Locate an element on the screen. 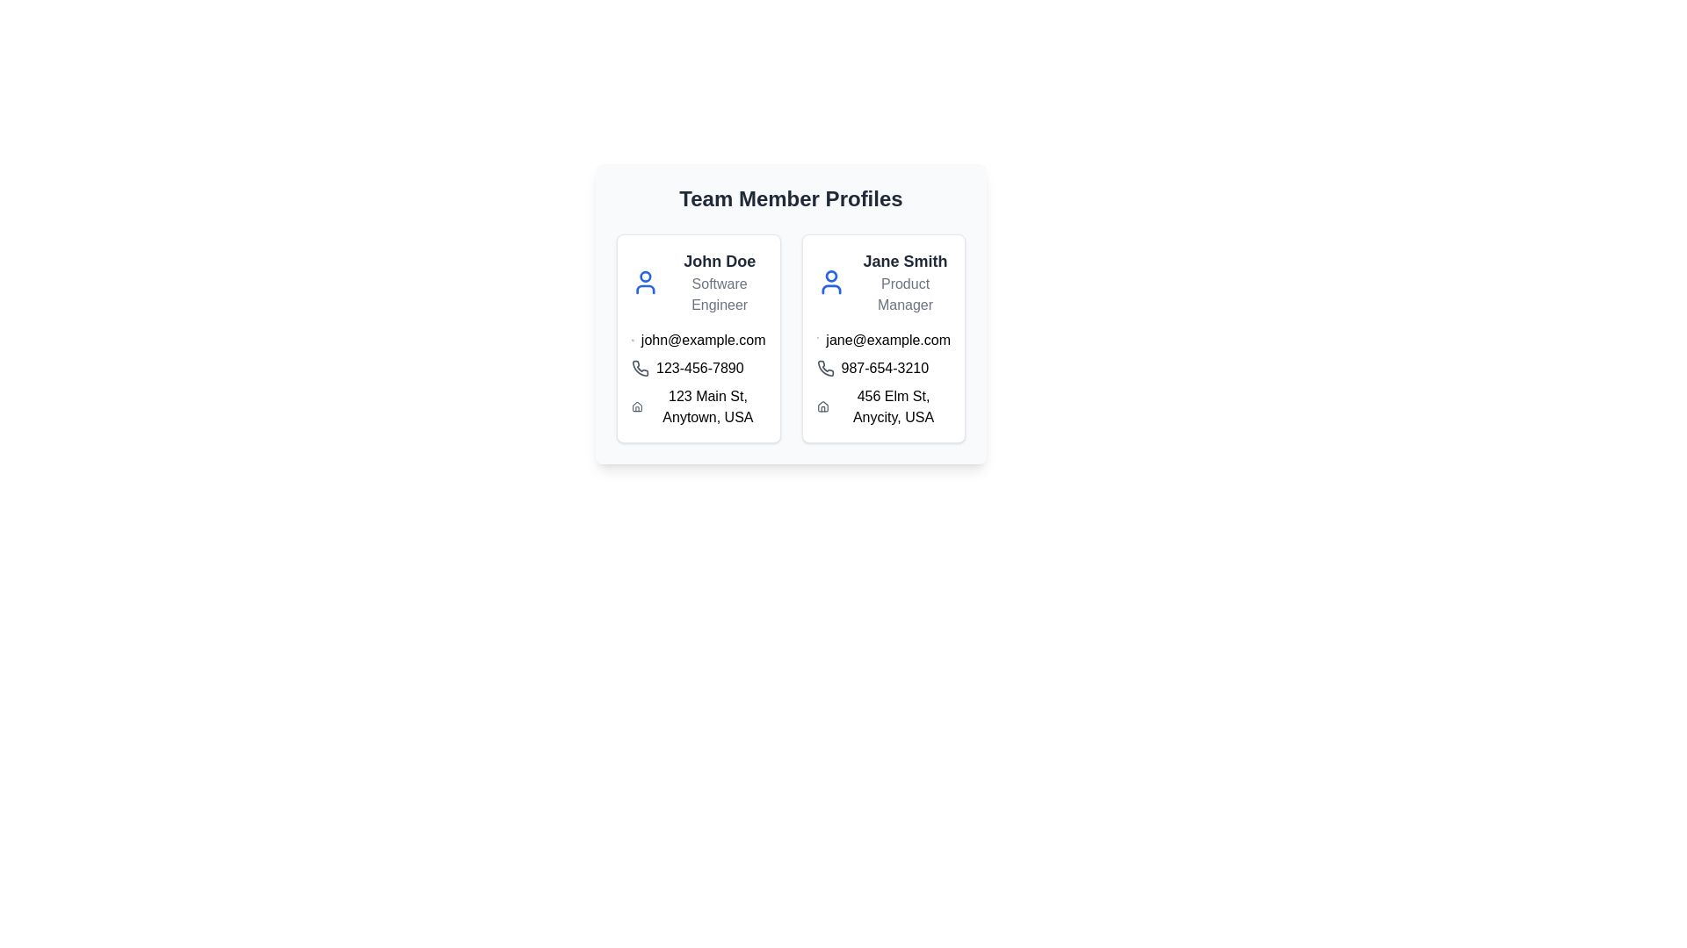  the Text Display that shows the name and job title of a team member, located in the left card of a two-card layout, positioned to the right of the user icon is located at coordinates (720, 281).